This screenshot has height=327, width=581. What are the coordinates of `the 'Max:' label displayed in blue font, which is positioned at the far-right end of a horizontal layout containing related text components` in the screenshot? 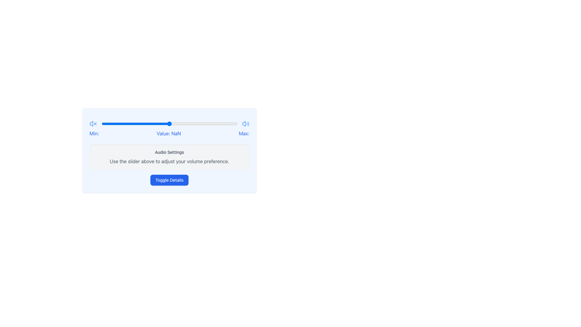 It's located at (244, 133).